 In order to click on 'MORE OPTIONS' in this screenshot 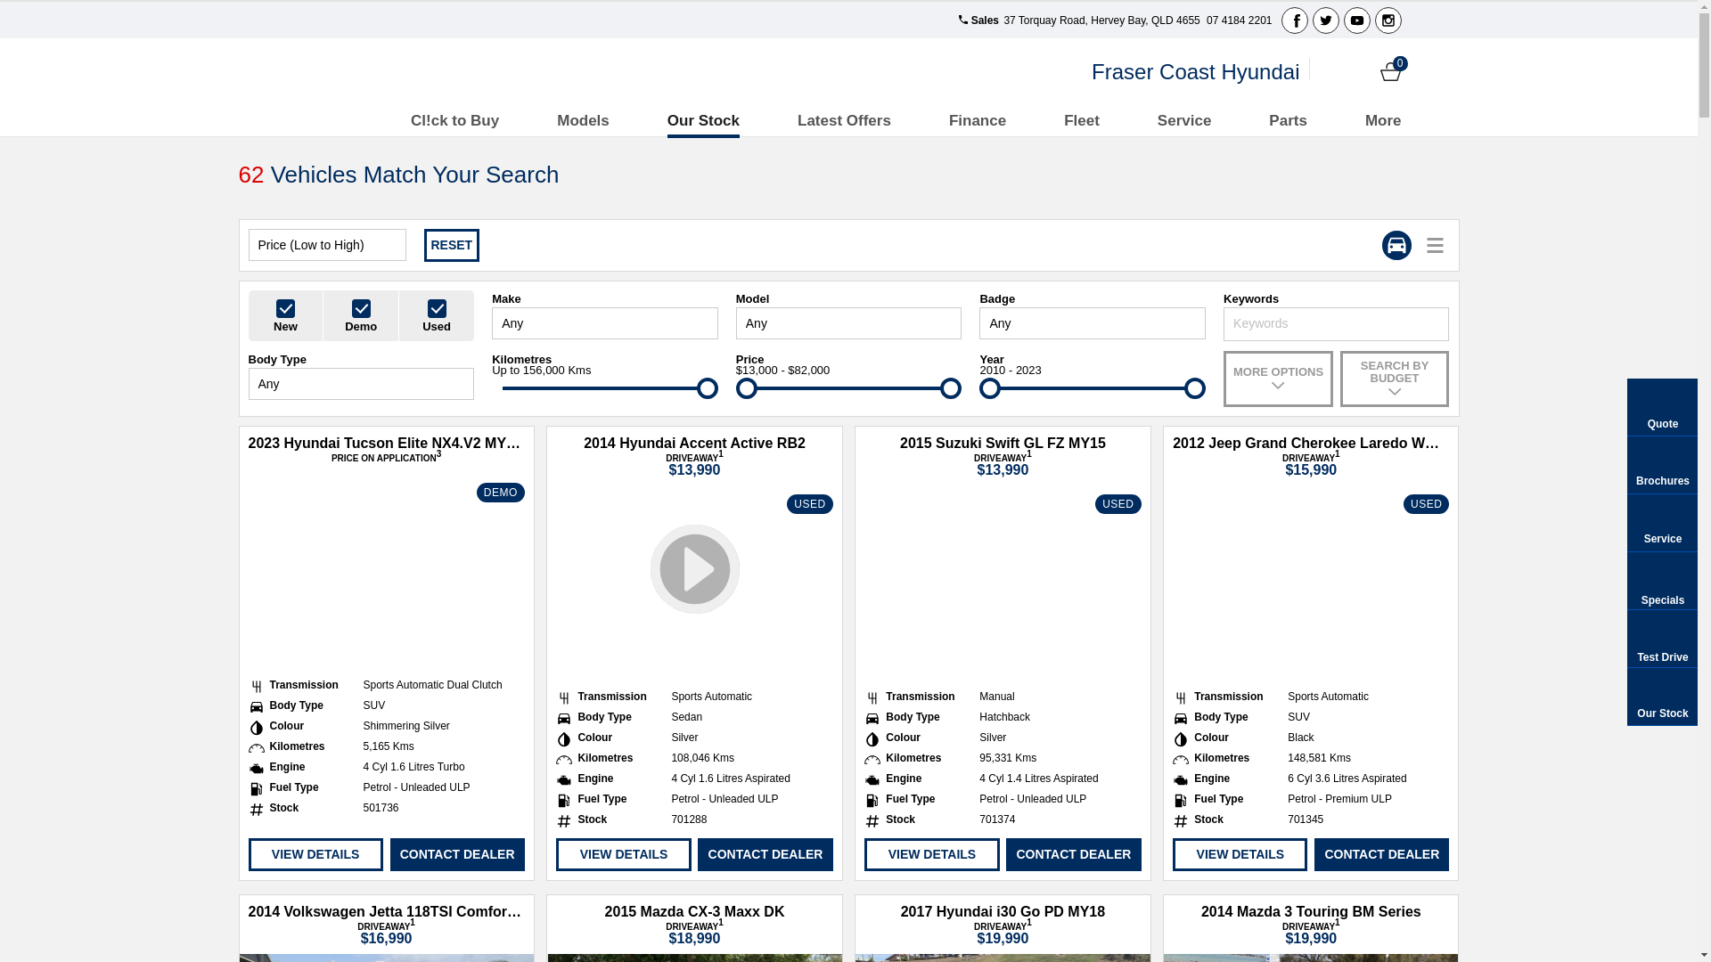, I will do `click(1277, 378)`.